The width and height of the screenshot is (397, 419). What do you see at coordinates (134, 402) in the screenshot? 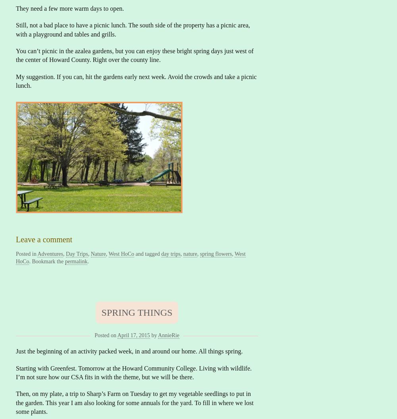
I see `'Then, on my plate, a trip to Sharp’s Farm on Tuesday to get my vegetable seedlings to put in the garden. This year I am also looking for some annuals for the yard. To fill in where we lost some plants.'` at bounding box center [134, 402].